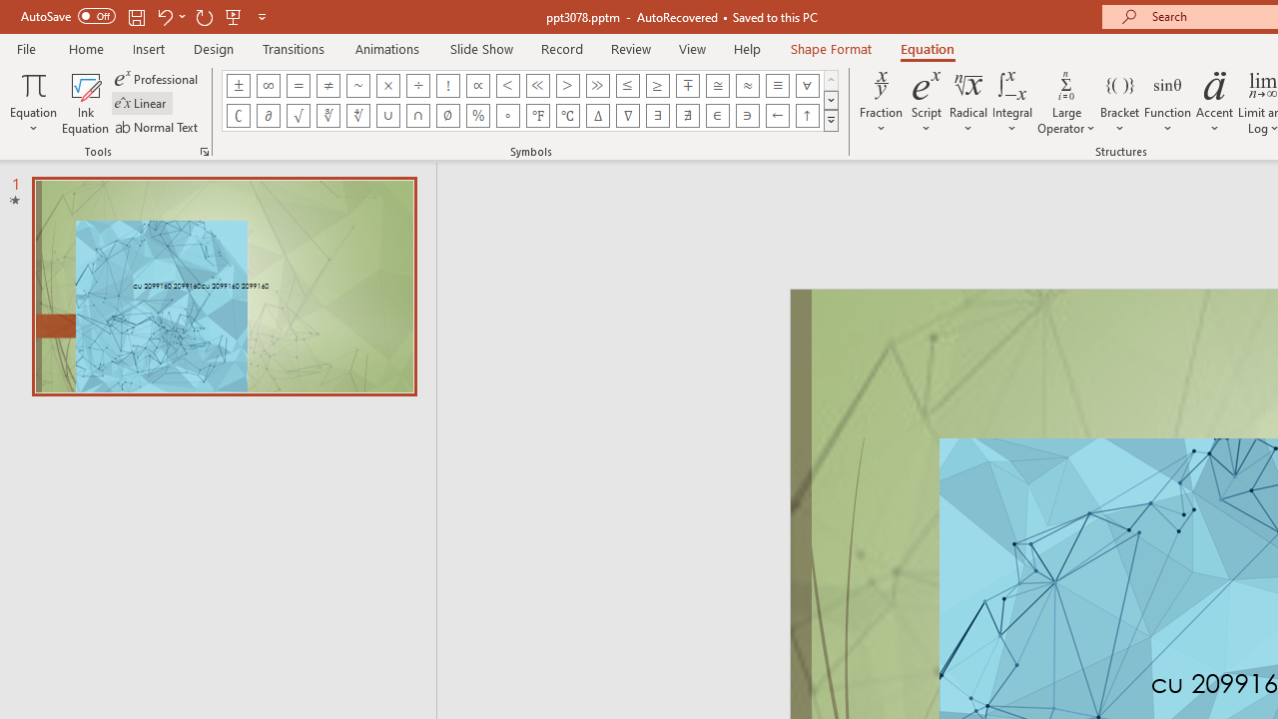  I want to click on 'Equation Symbols', so click(831, 120).